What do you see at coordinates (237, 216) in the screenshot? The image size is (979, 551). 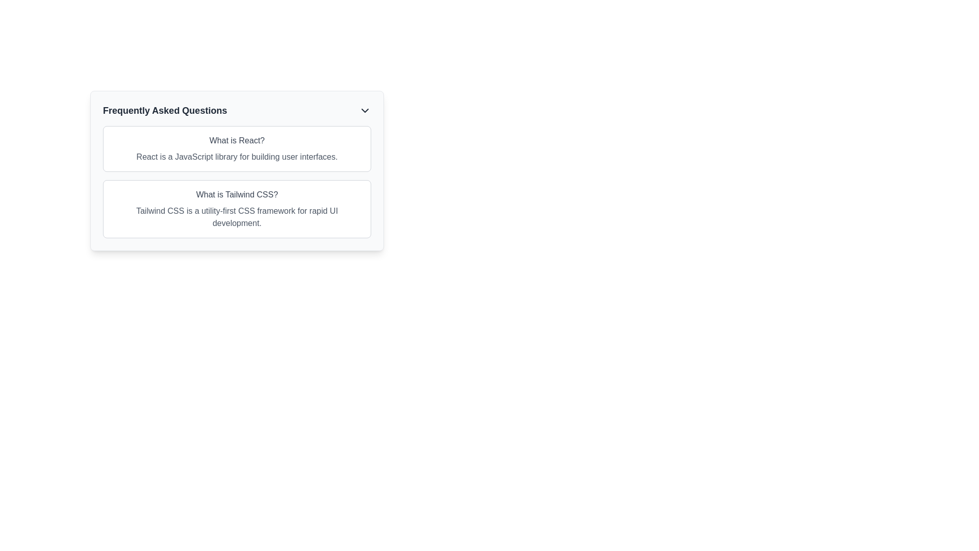 I see `the text element that reads 'Tailwind CSS is a utility-first CSS framework for rapid UI development.', which is located below the question 'What is Tailwind CSS?' in the FAQ interface` at bounding box center [237, 216].